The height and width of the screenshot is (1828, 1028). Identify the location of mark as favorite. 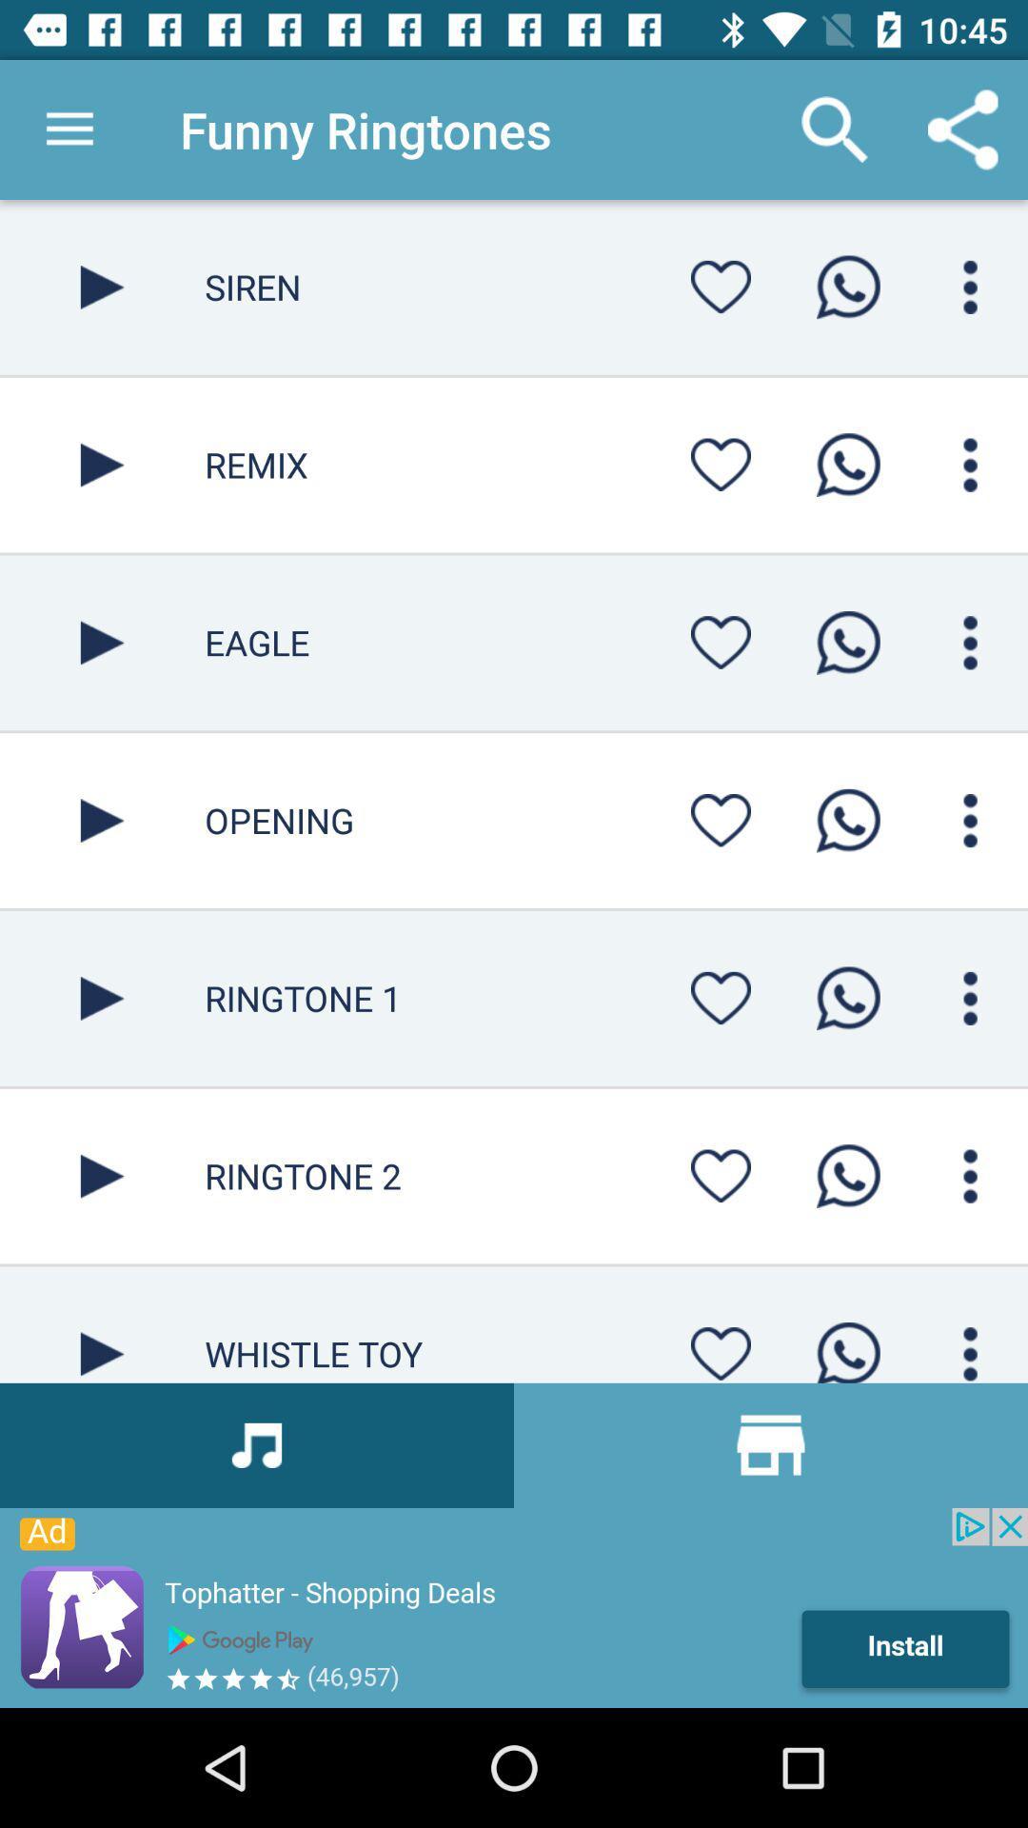
(721, 820).